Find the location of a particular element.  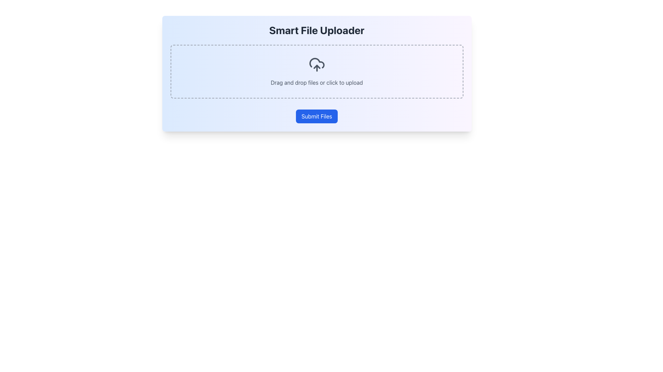

the heading 'Smart File Uploader' which is styled in large, bold black font and centrally aligned at the top of the interface is located at coordinates (316, 30).